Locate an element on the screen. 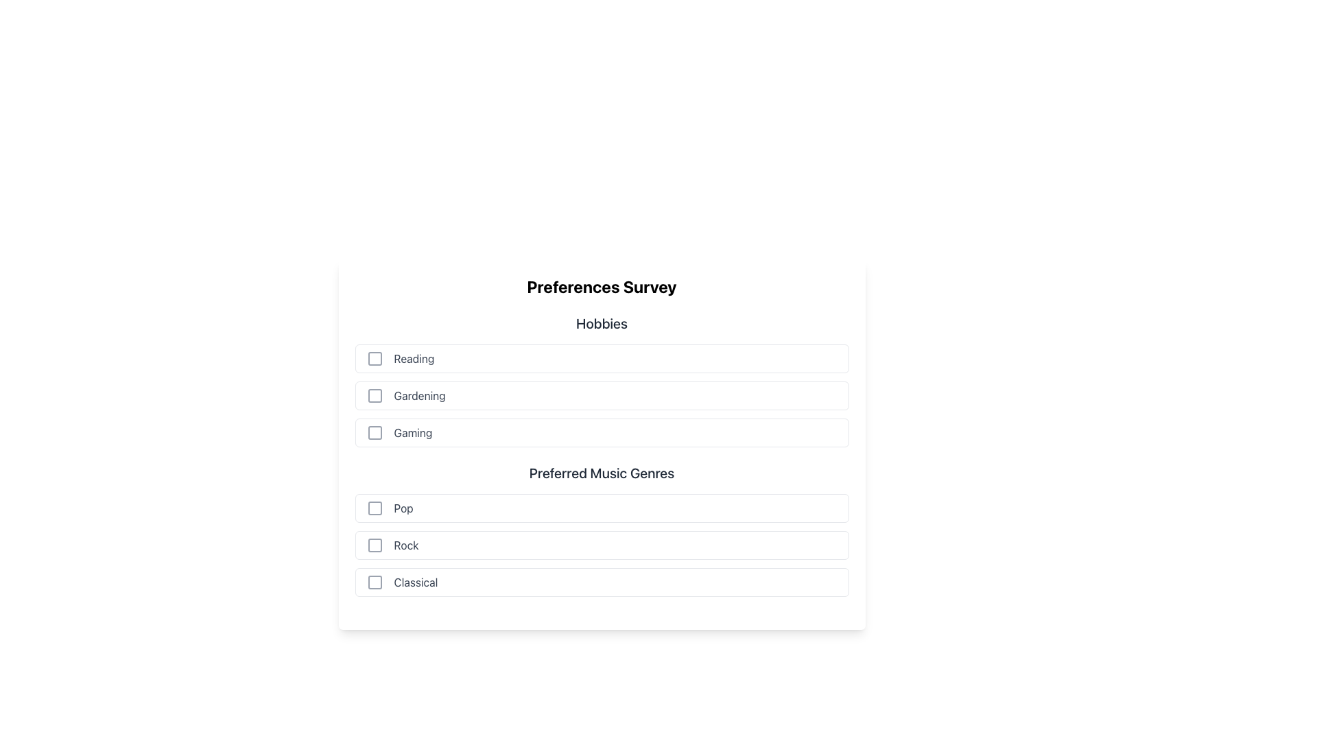 This screenshot has height=741, width=1317. the checkbox element located to the left of the 'Gaming' label in the hobbies list is located at coordinates (375, 433).